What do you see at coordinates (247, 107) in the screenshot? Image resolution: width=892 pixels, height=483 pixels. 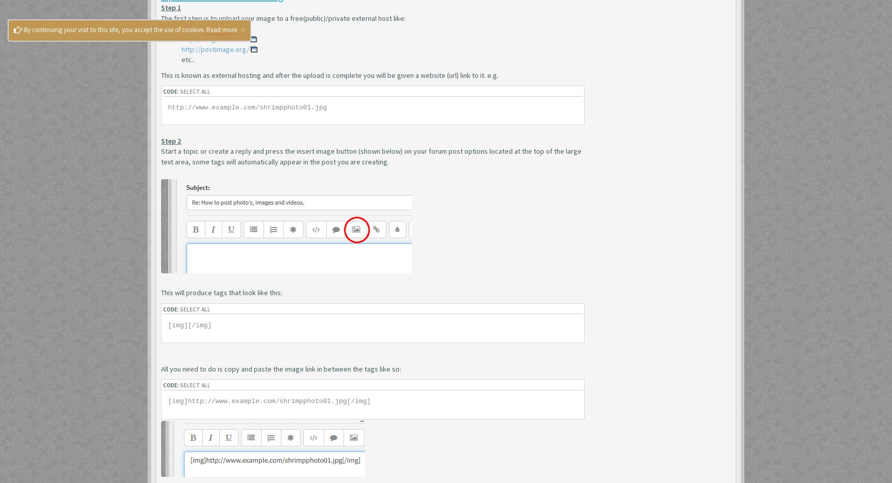 I see `'http://www.example.com/shrimpphoto01.jpg'` at bounding box center [247, 107].